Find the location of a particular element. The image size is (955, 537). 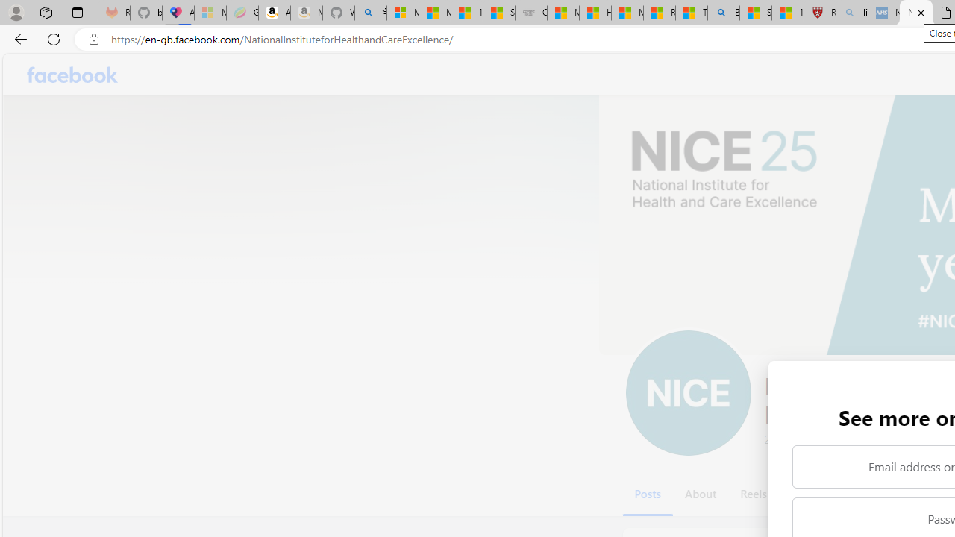

'12 Popular Science Lies that Must be Corrected' is located at coordinates (787, 13).